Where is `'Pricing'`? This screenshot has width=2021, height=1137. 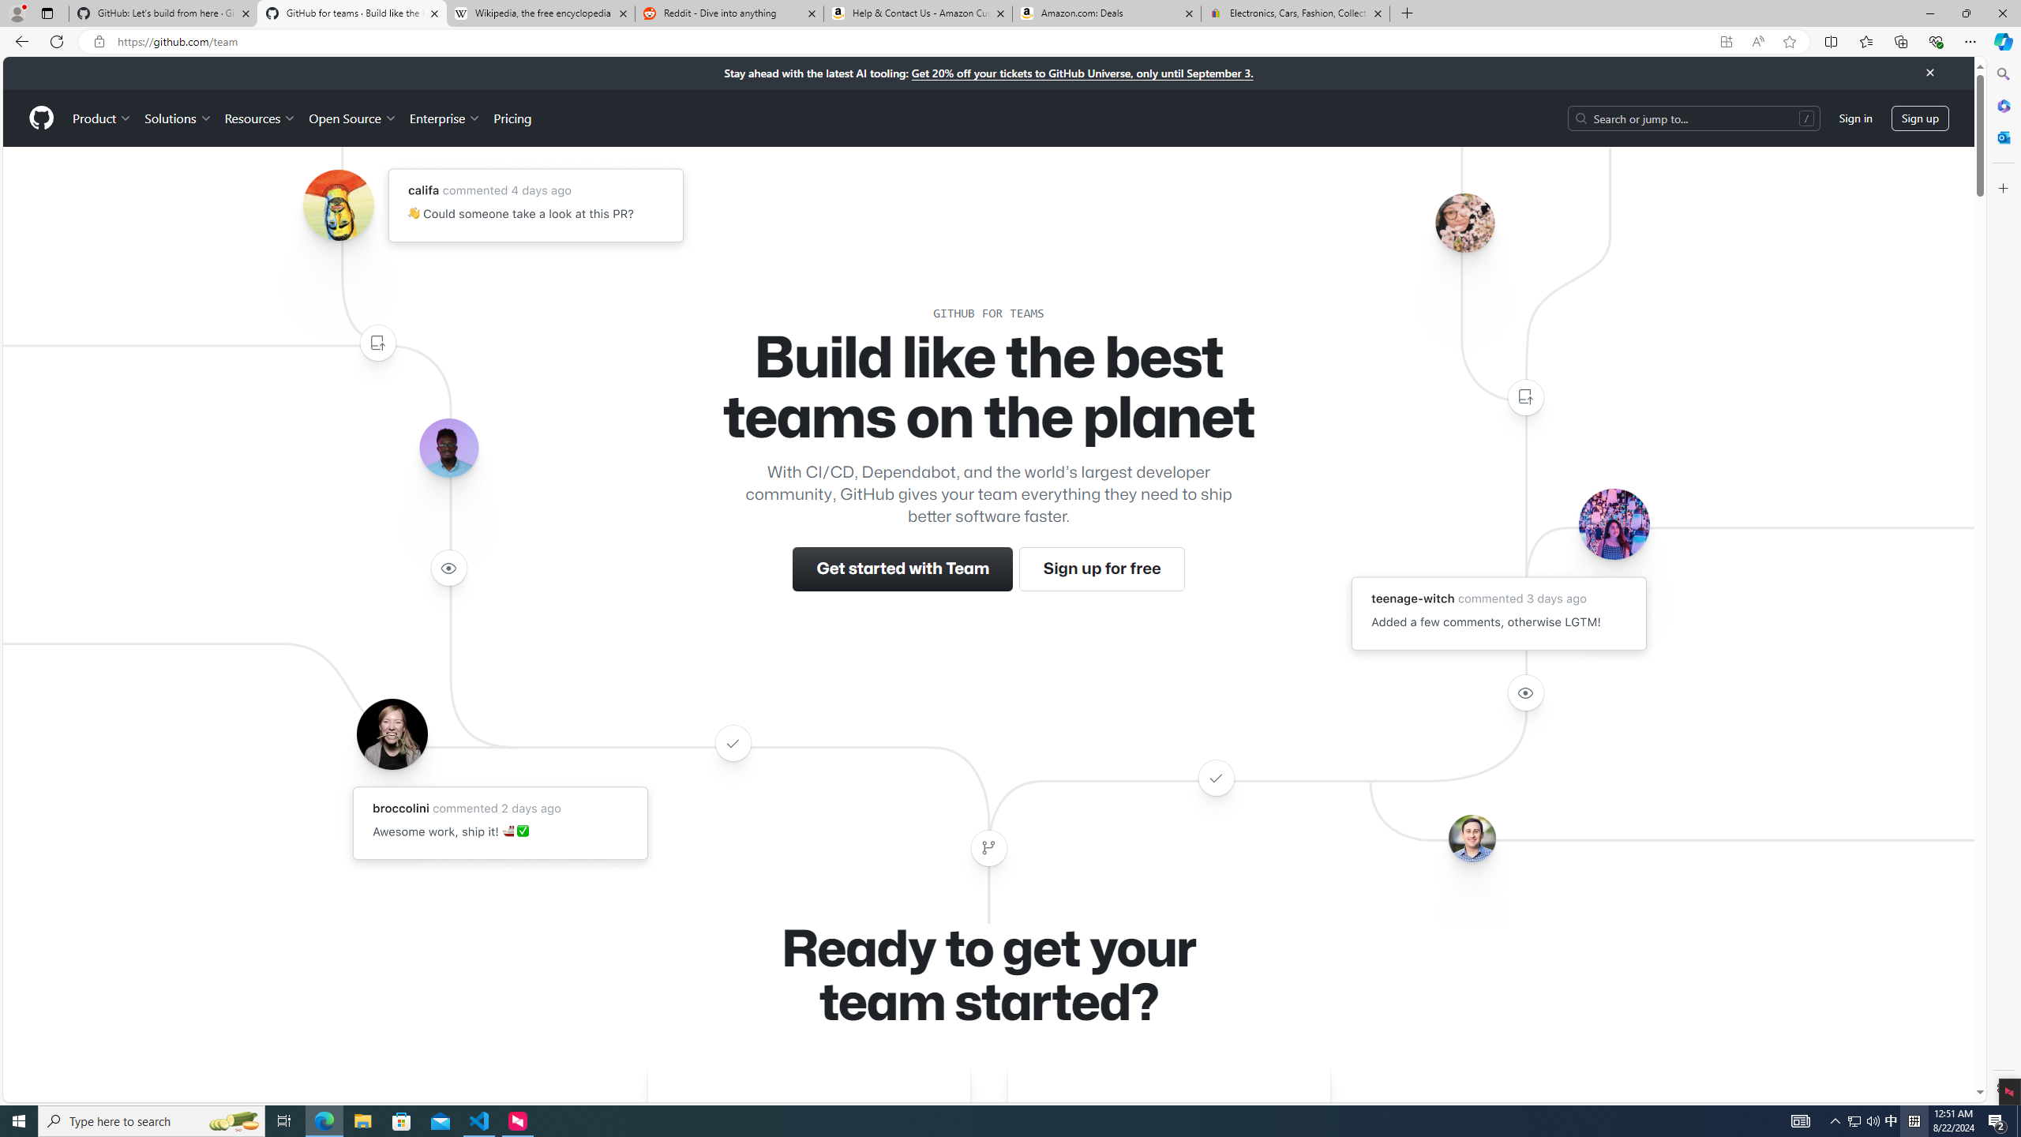 'Pricing' is located at coordinates (512, 118).